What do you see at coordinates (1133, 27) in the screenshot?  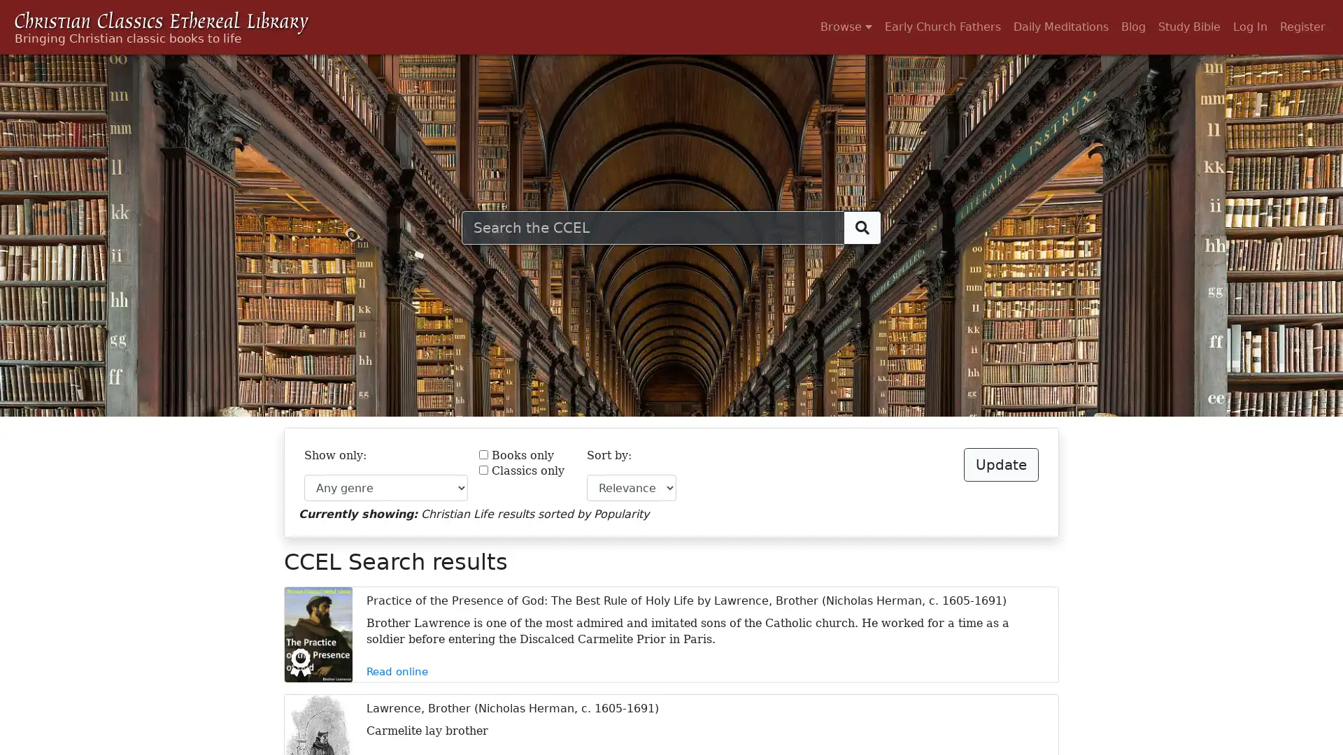 I see `Blog` at bounding box center [1133, 27].